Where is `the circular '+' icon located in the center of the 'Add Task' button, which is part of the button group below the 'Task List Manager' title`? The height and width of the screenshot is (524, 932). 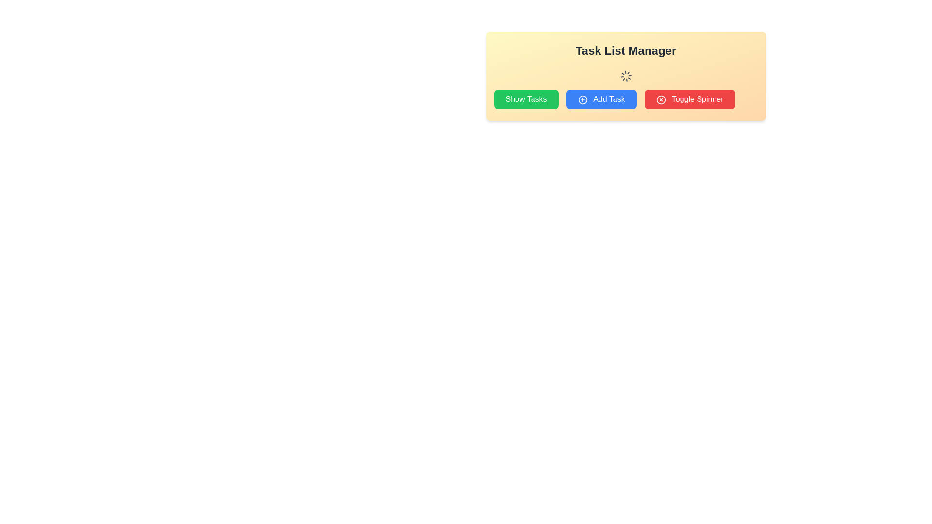 the circular '+' icon located in the center of the 'Add Task' button, which is part of the button group below the 'Task List Manager' title is located at coordinates (582, 99).